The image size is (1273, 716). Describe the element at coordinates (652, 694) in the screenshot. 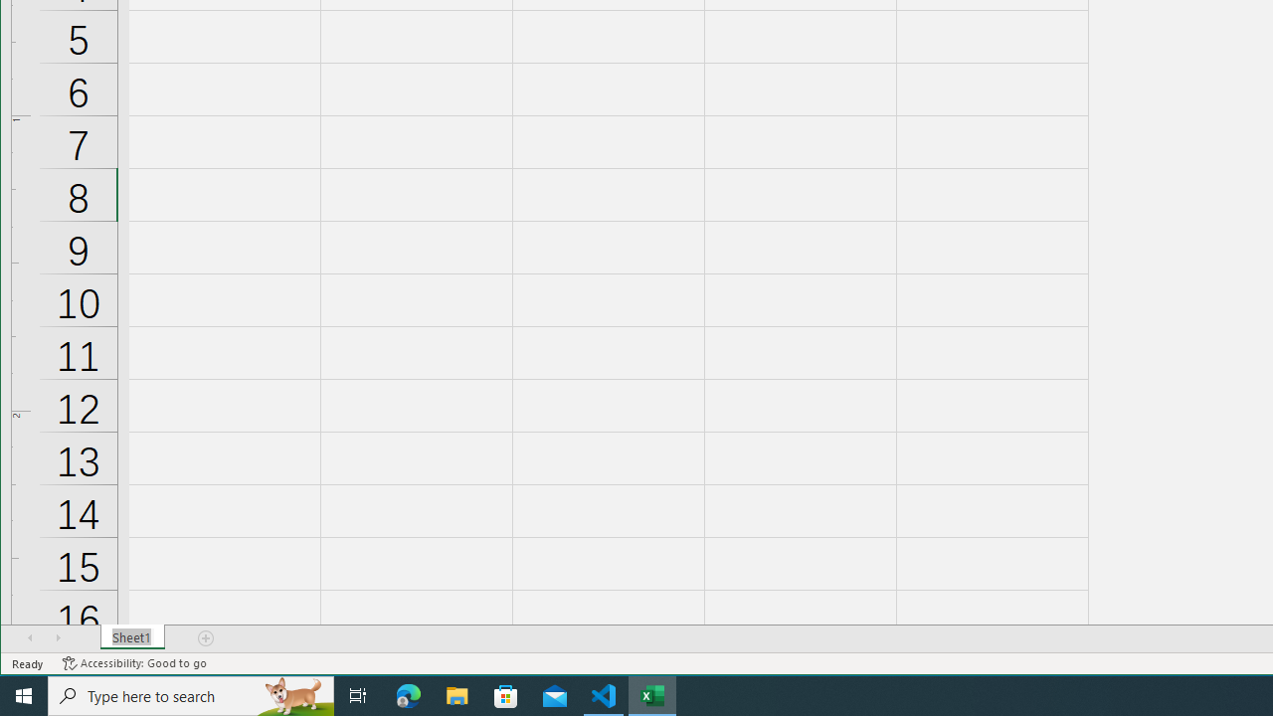

I see `'Excel - 1 running window'` at that location.